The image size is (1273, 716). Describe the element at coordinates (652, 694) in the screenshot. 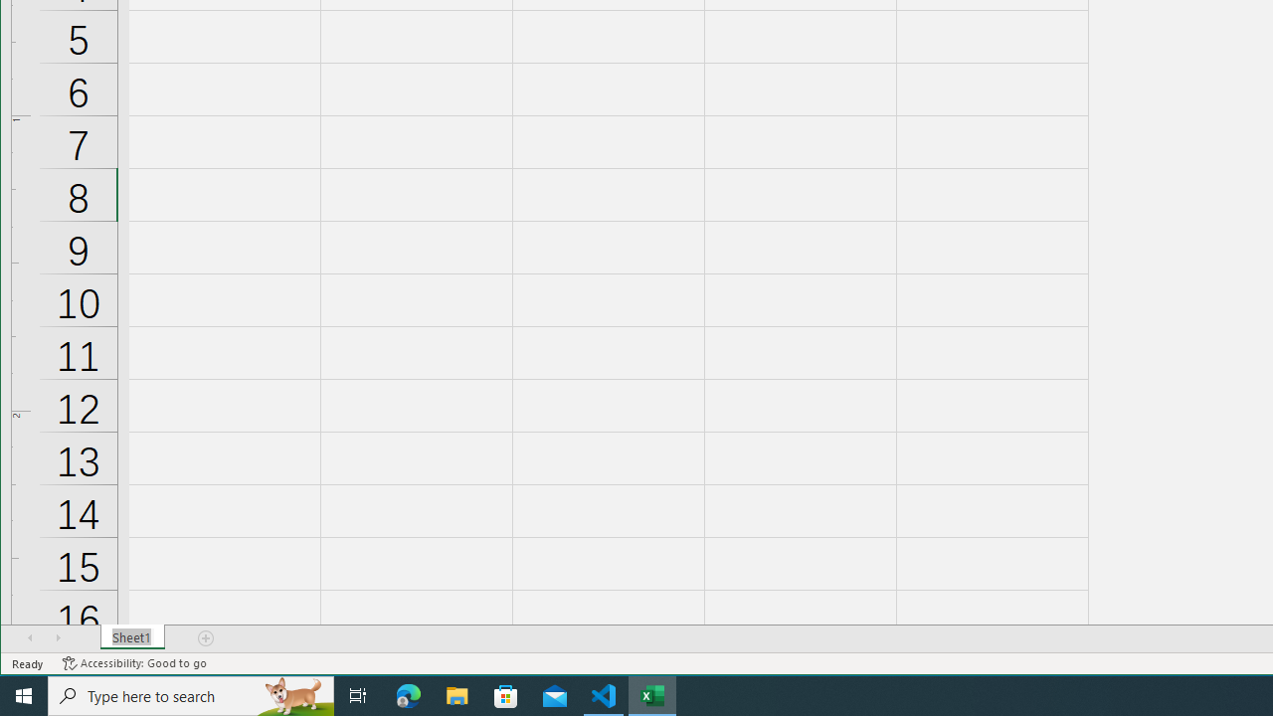

I see `'Excel - 1 running window'` at that location.